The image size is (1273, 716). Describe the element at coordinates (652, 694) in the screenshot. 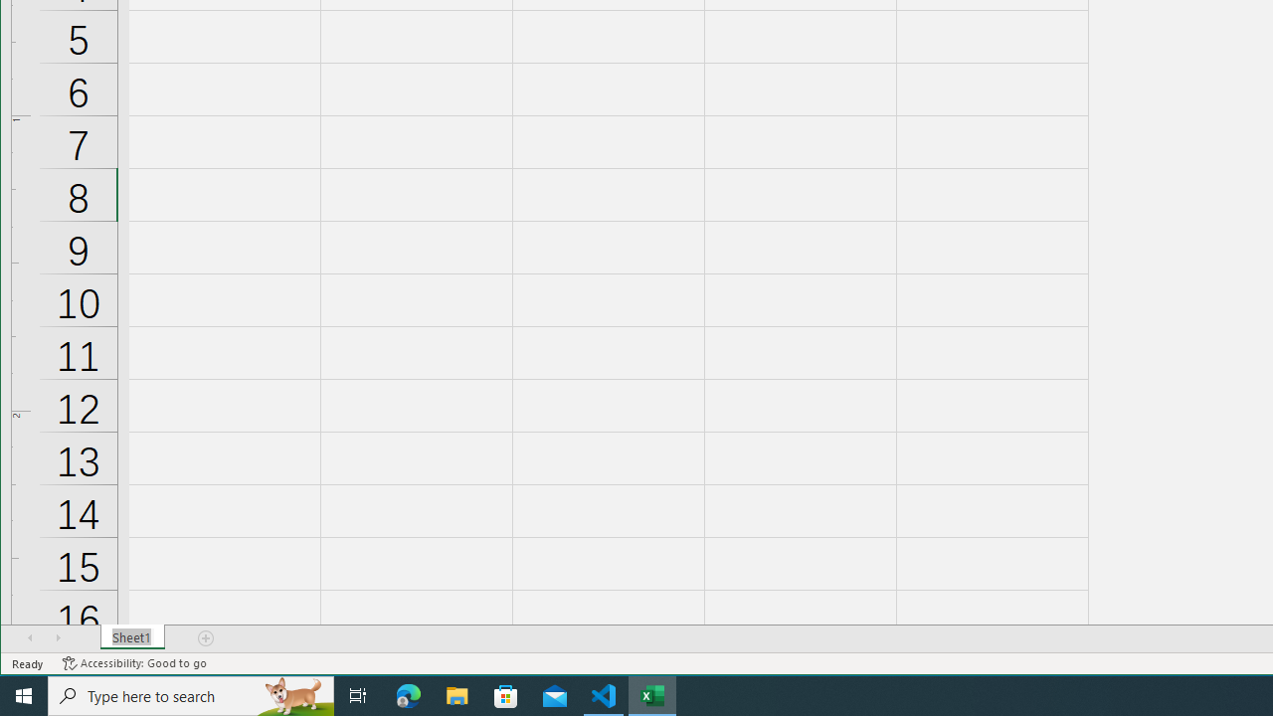

I see `'Excel - 1 running window'` at that location.